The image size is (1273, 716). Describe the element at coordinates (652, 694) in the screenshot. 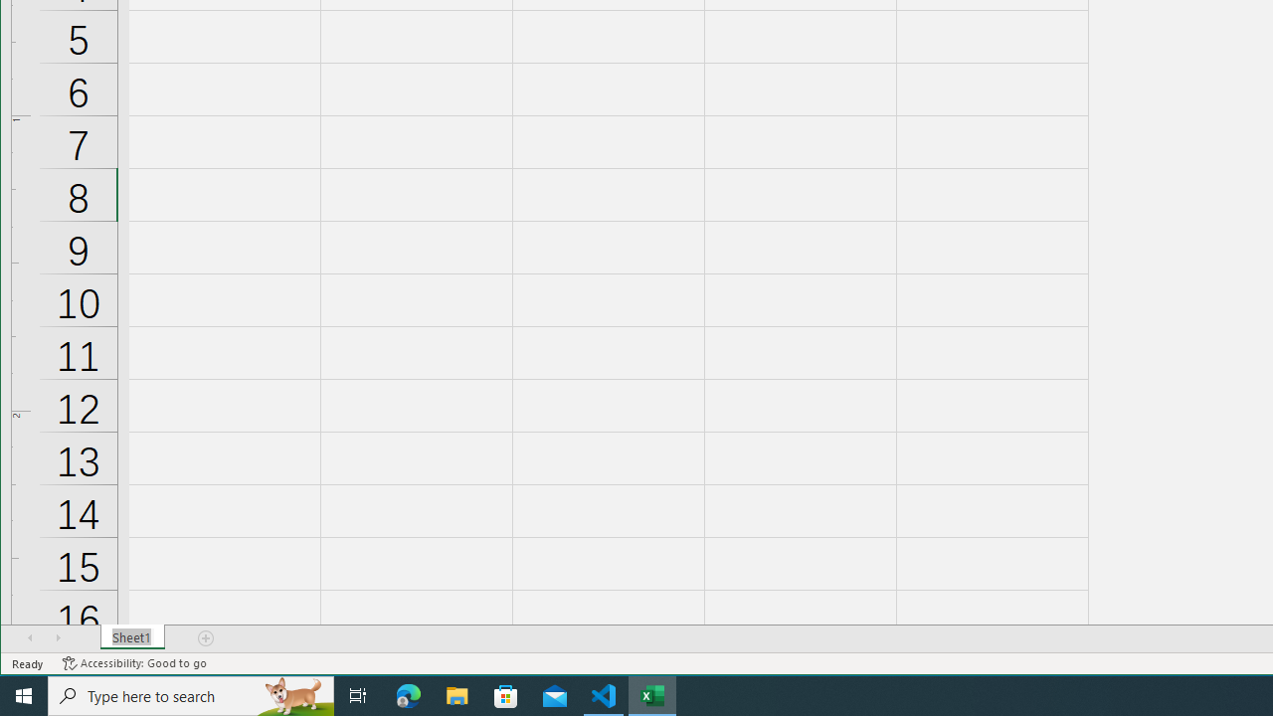

I see `'Excel - 1 running window'` at that location.